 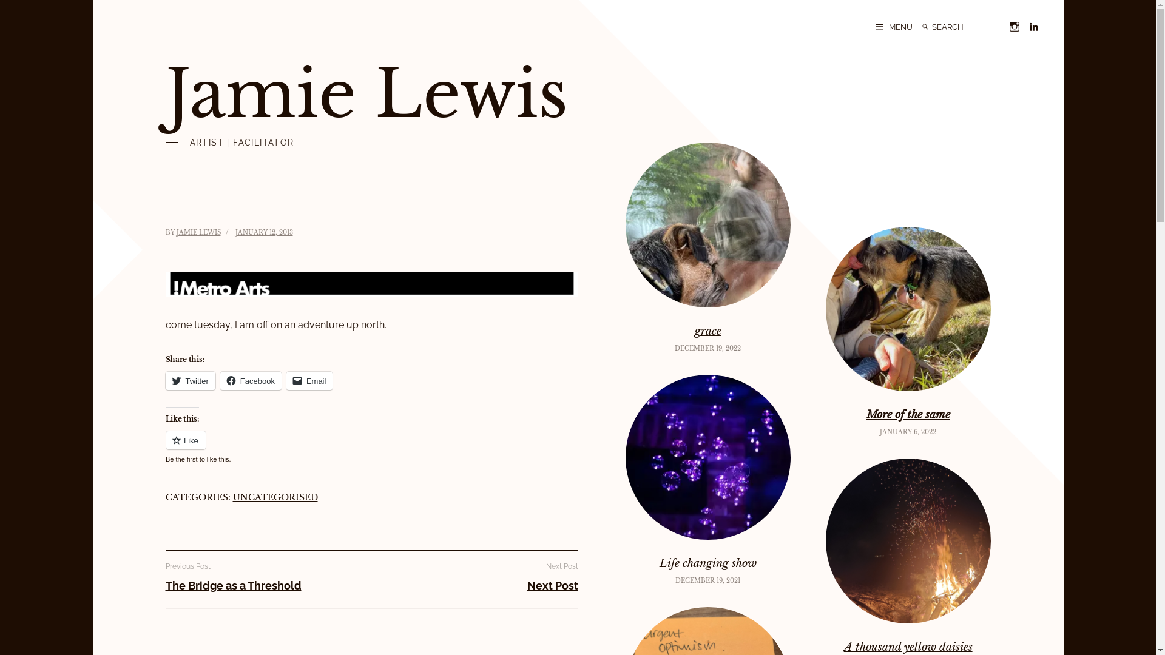 I want to click on 'JANUARY 12, 2013', so click(x=263, y=232).